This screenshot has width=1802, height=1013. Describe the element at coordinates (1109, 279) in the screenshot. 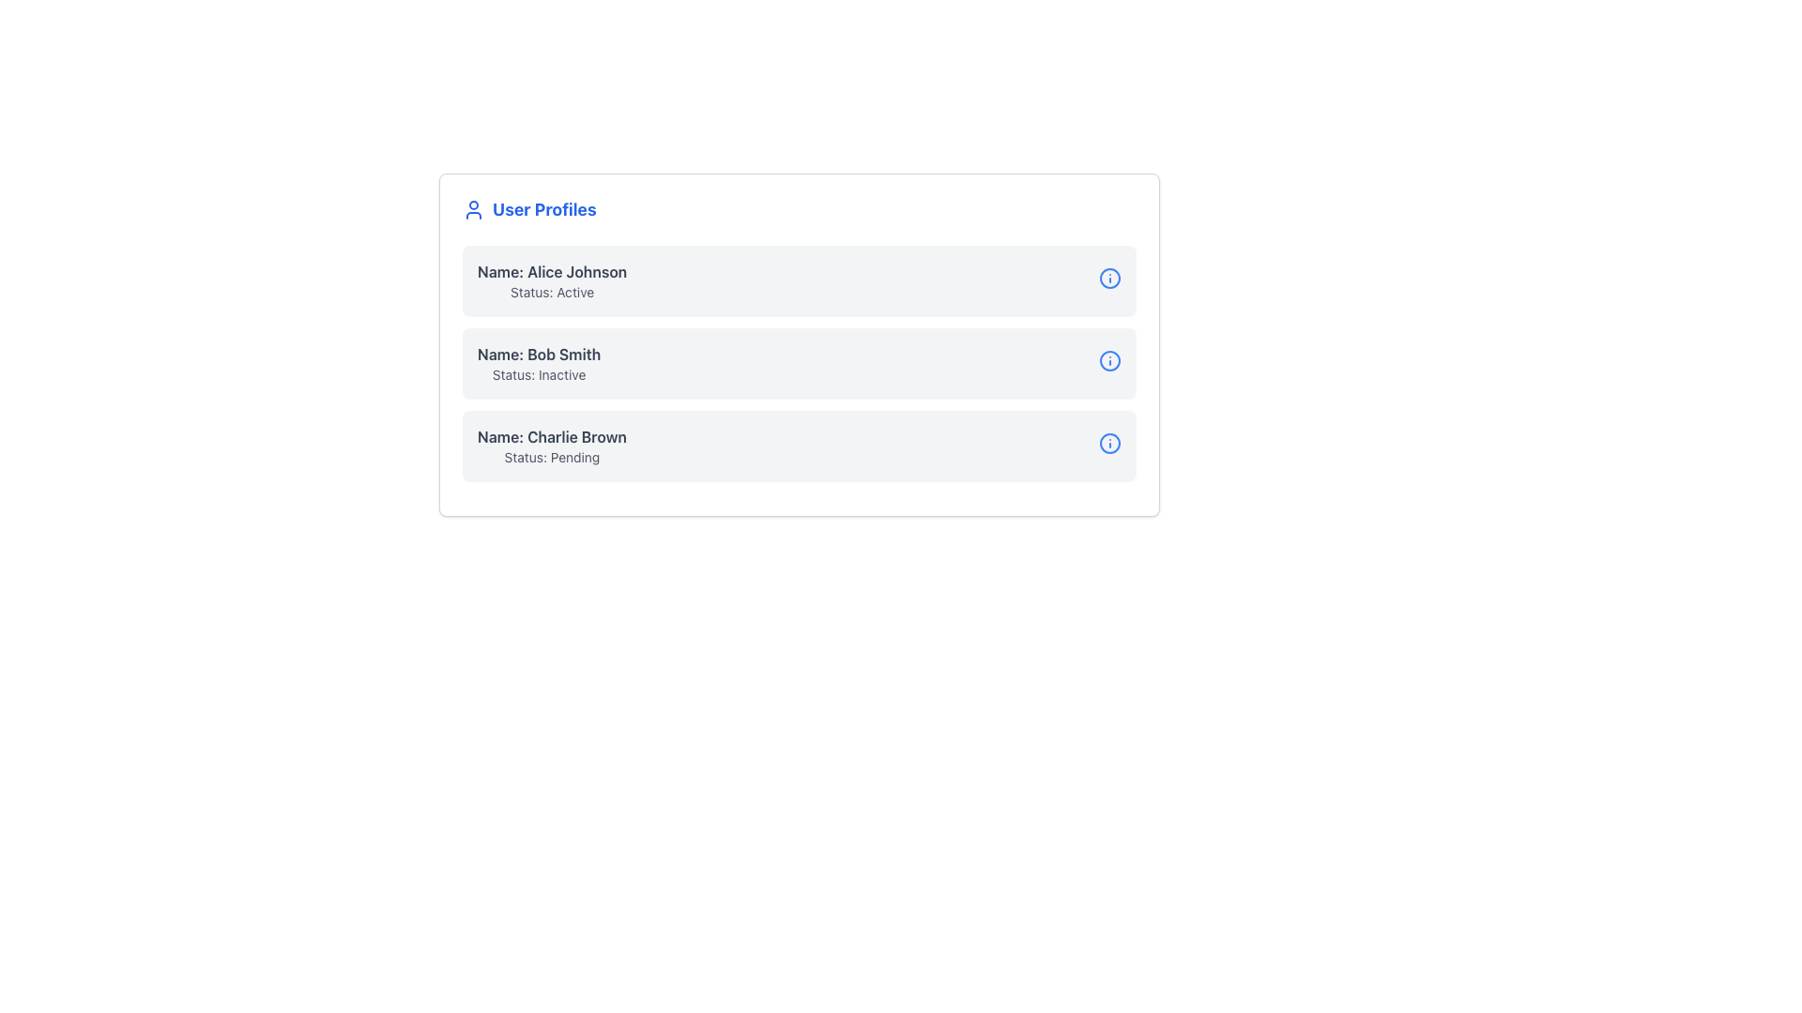

I see `the circular blue-bordered icon with a white interior and blue 'i' symbol` at that location.